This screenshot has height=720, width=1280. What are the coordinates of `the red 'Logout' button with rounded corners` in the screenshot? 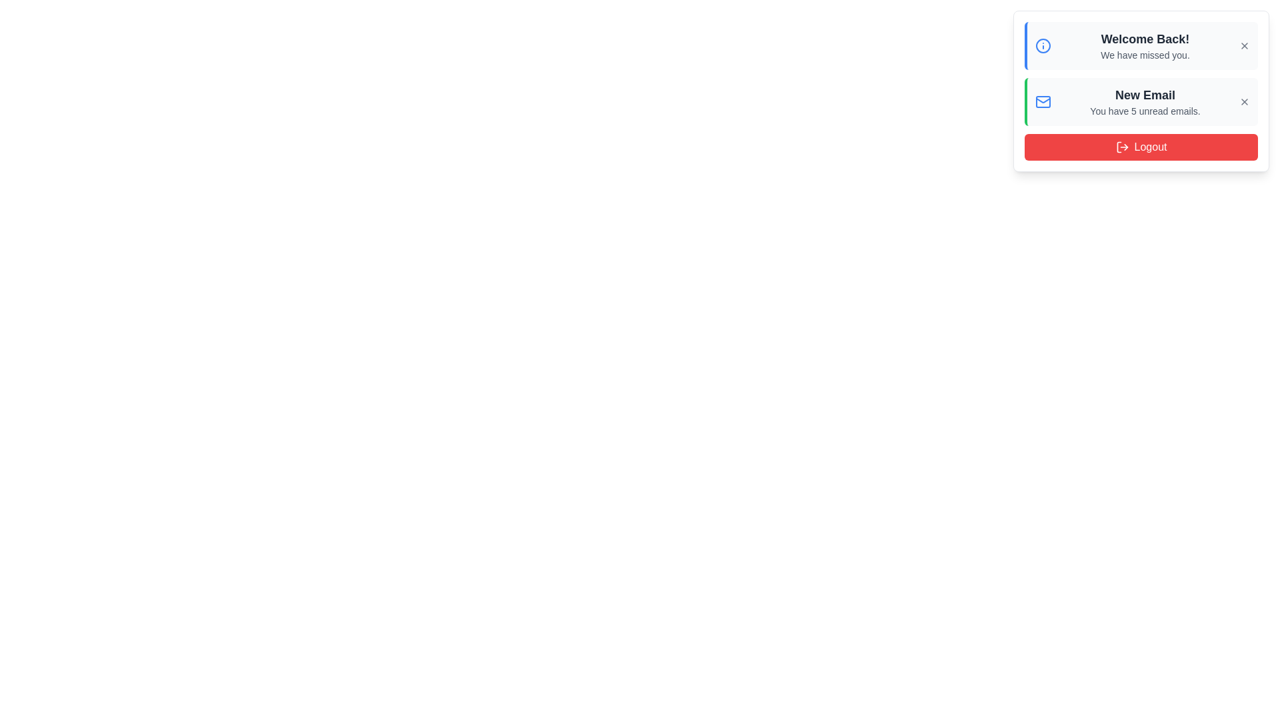 It's located at (1141, 147).